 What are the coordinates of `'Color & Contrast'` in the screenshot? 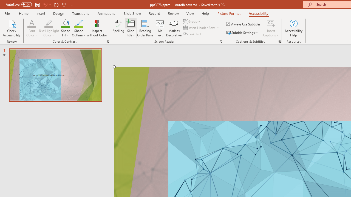 It's located at (107, 41).